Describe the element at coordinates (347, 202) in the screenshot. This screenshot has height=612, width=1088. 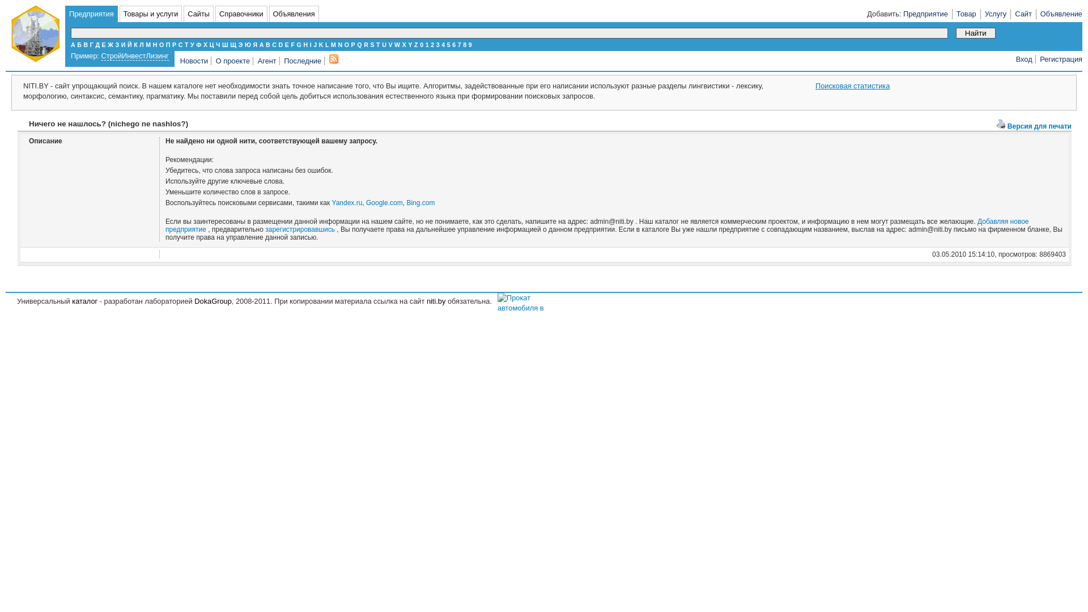
I see `'Yandex.ru'` at that location.